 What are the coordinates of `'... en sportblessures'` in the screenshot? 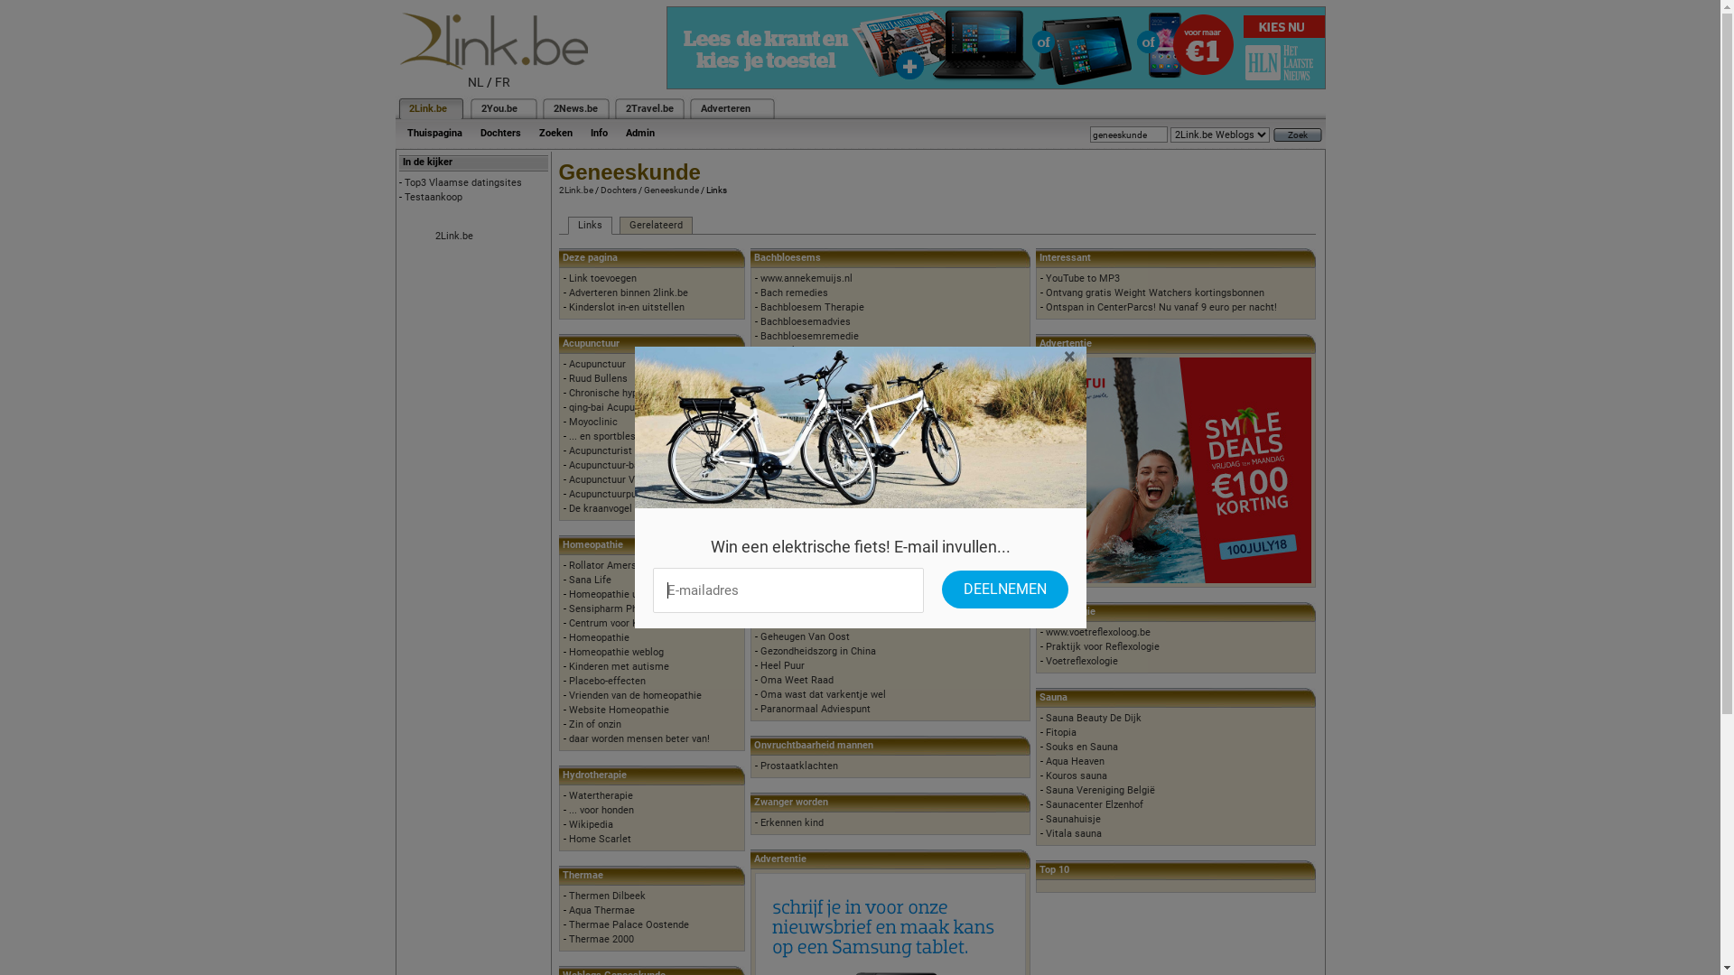 It's located at (615, 436).